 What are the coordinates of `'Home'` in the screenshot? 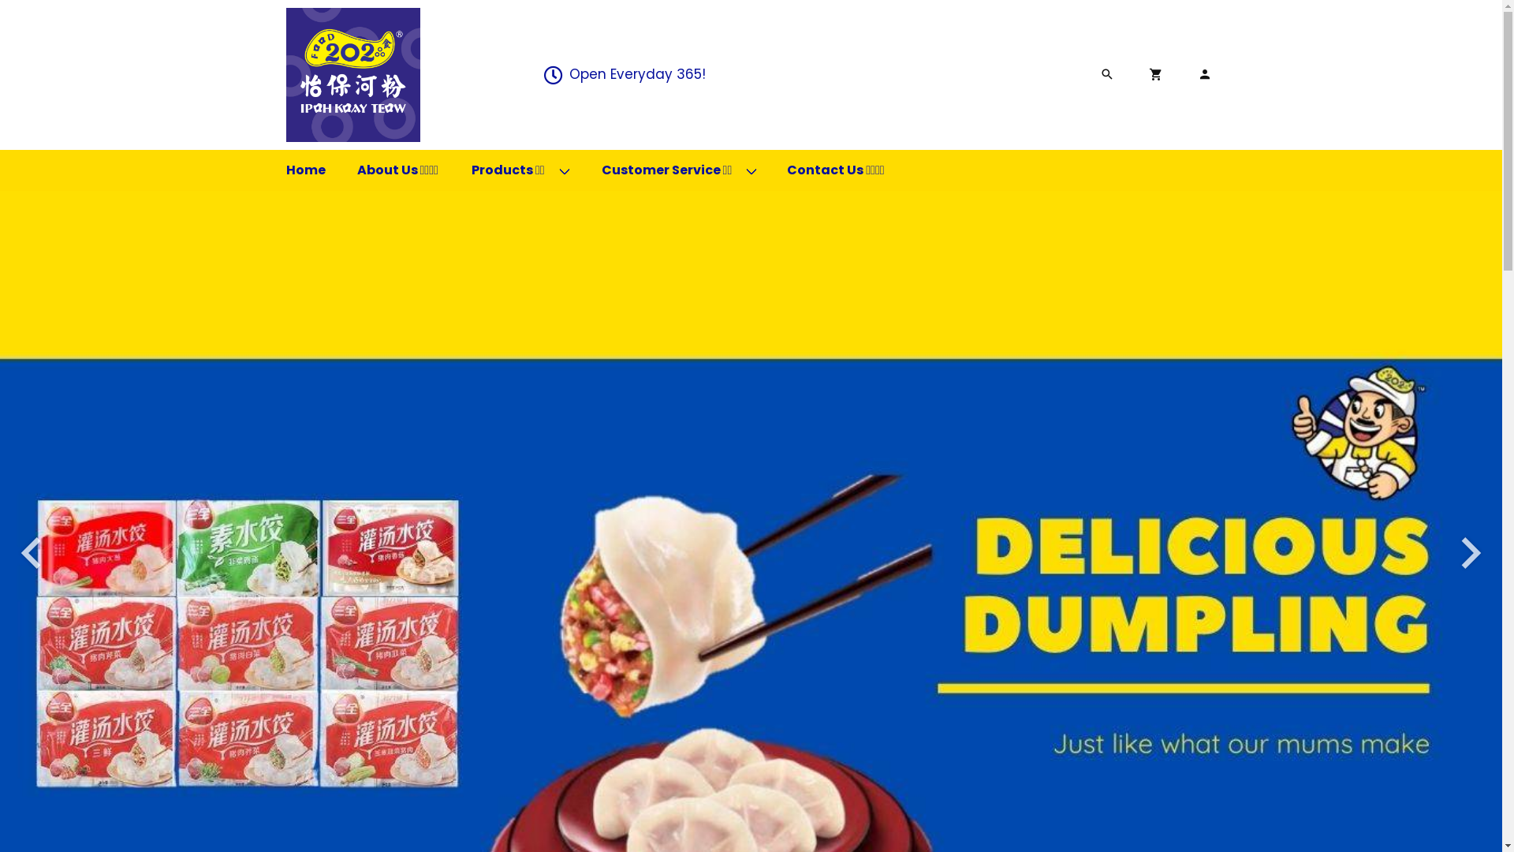 It's located at (305, 170).